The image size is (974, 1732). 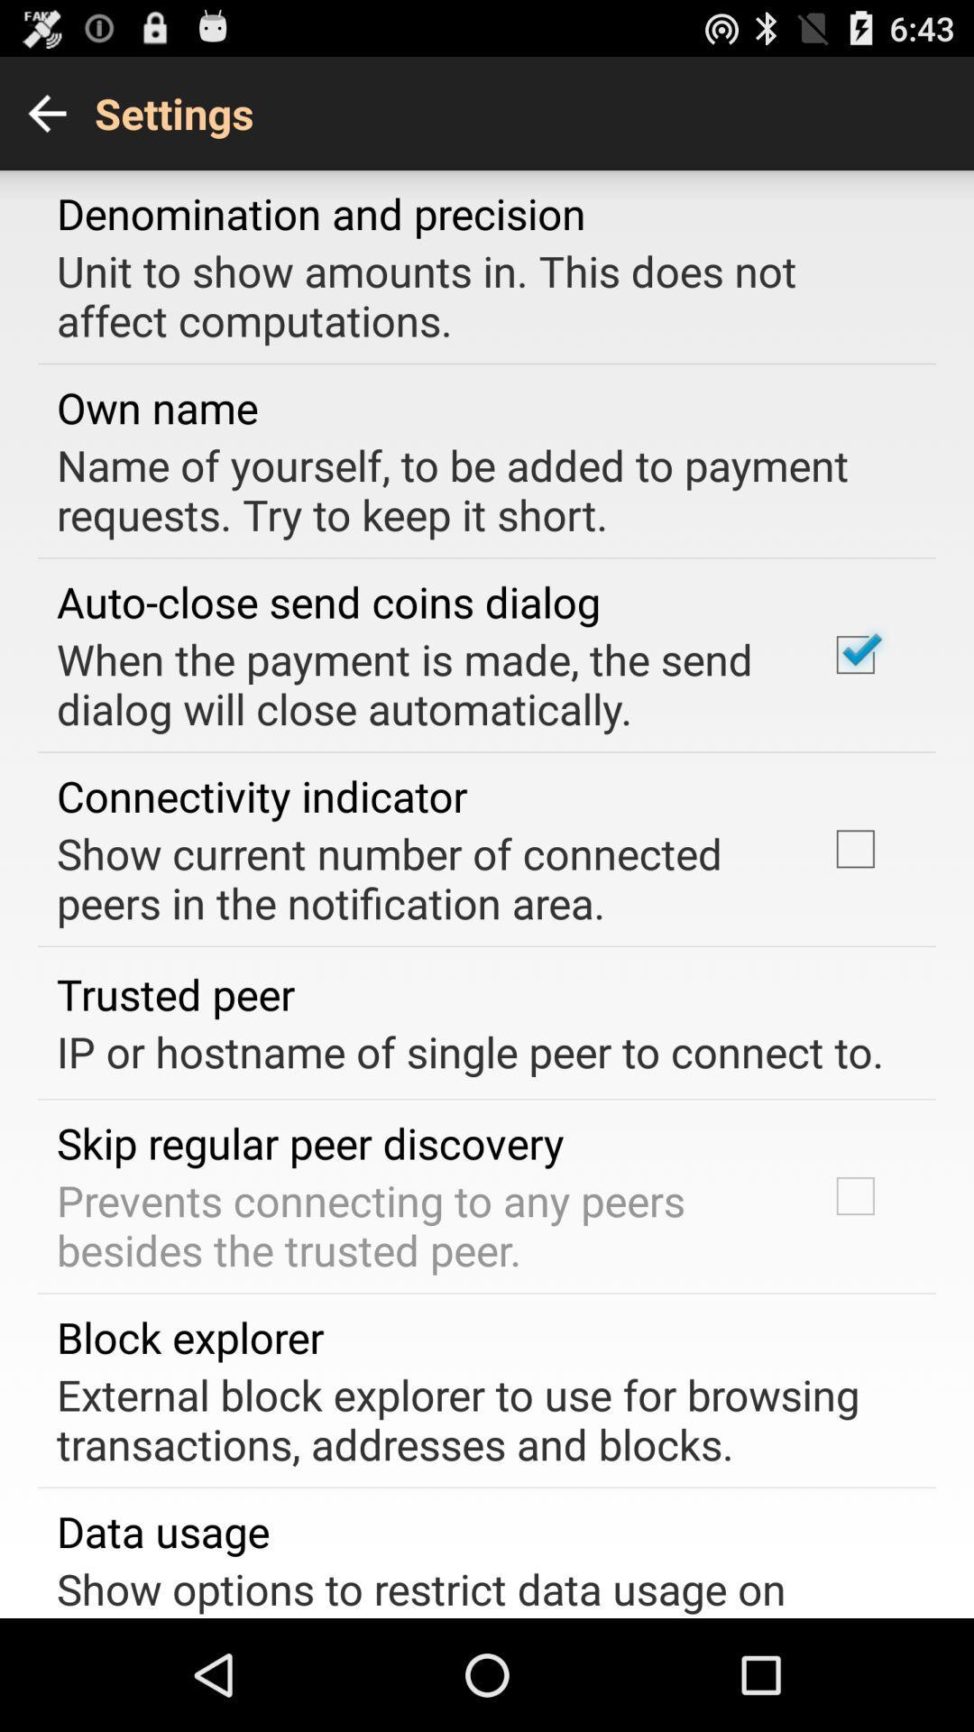 I want to click on the own name icon, so click(x=156, y=406).